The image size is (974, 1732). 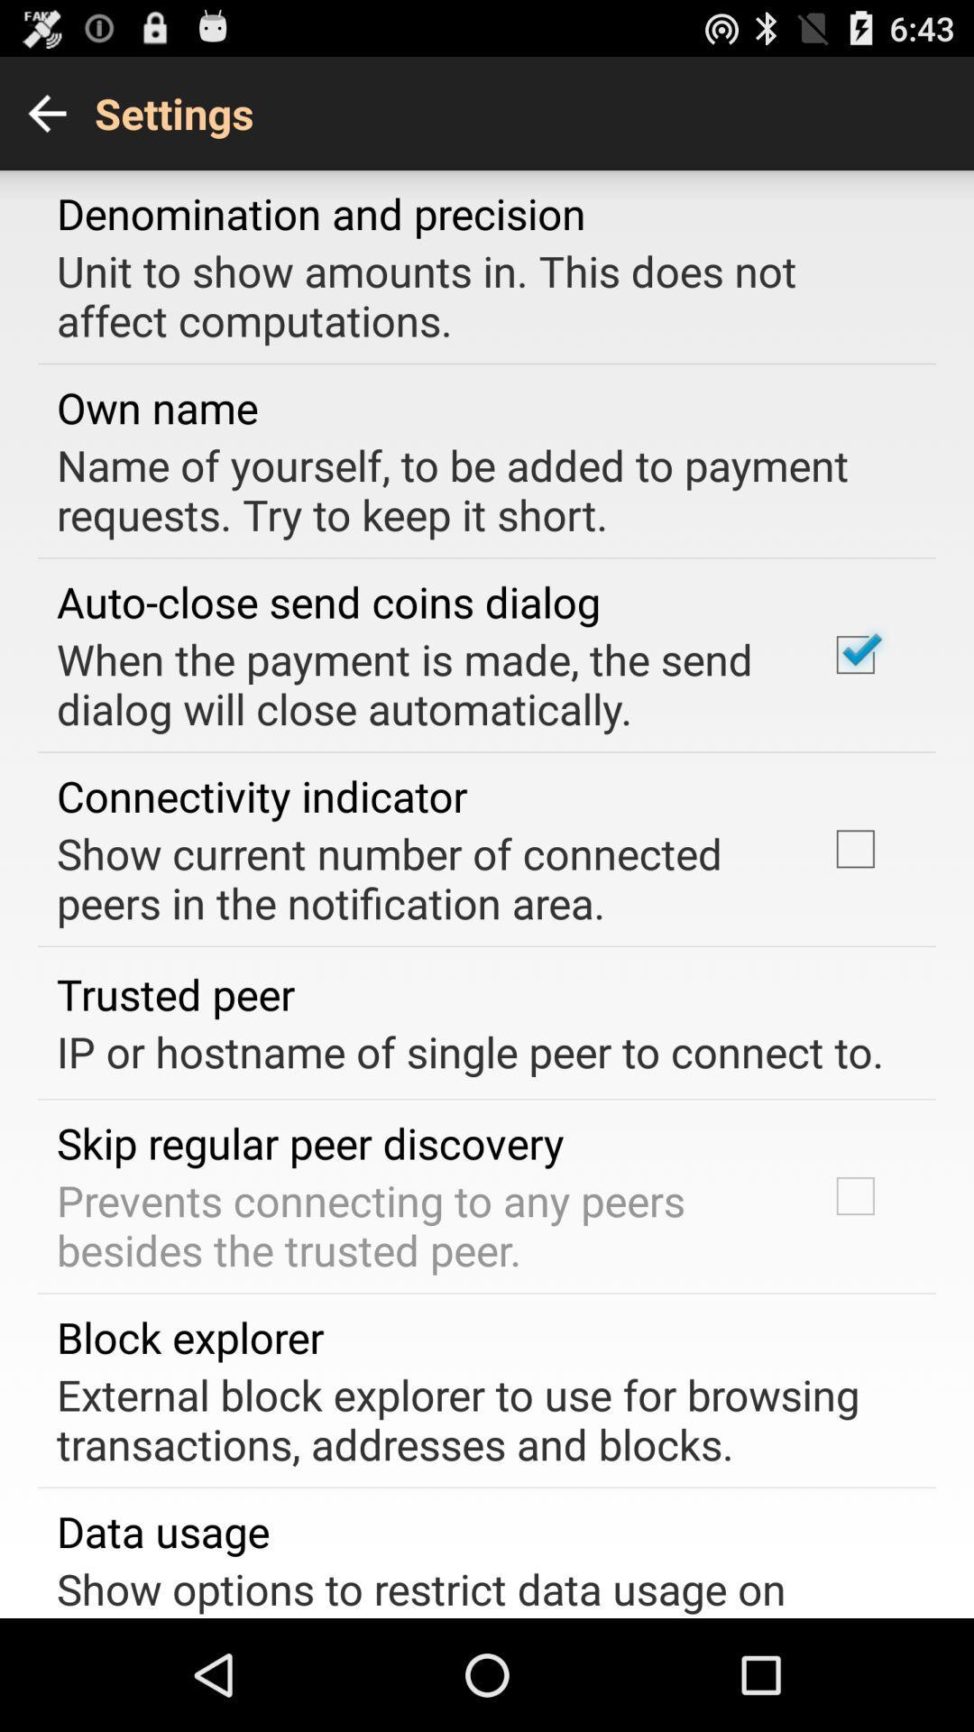 I want to click on the own name icon, so click(x=156, y=406).